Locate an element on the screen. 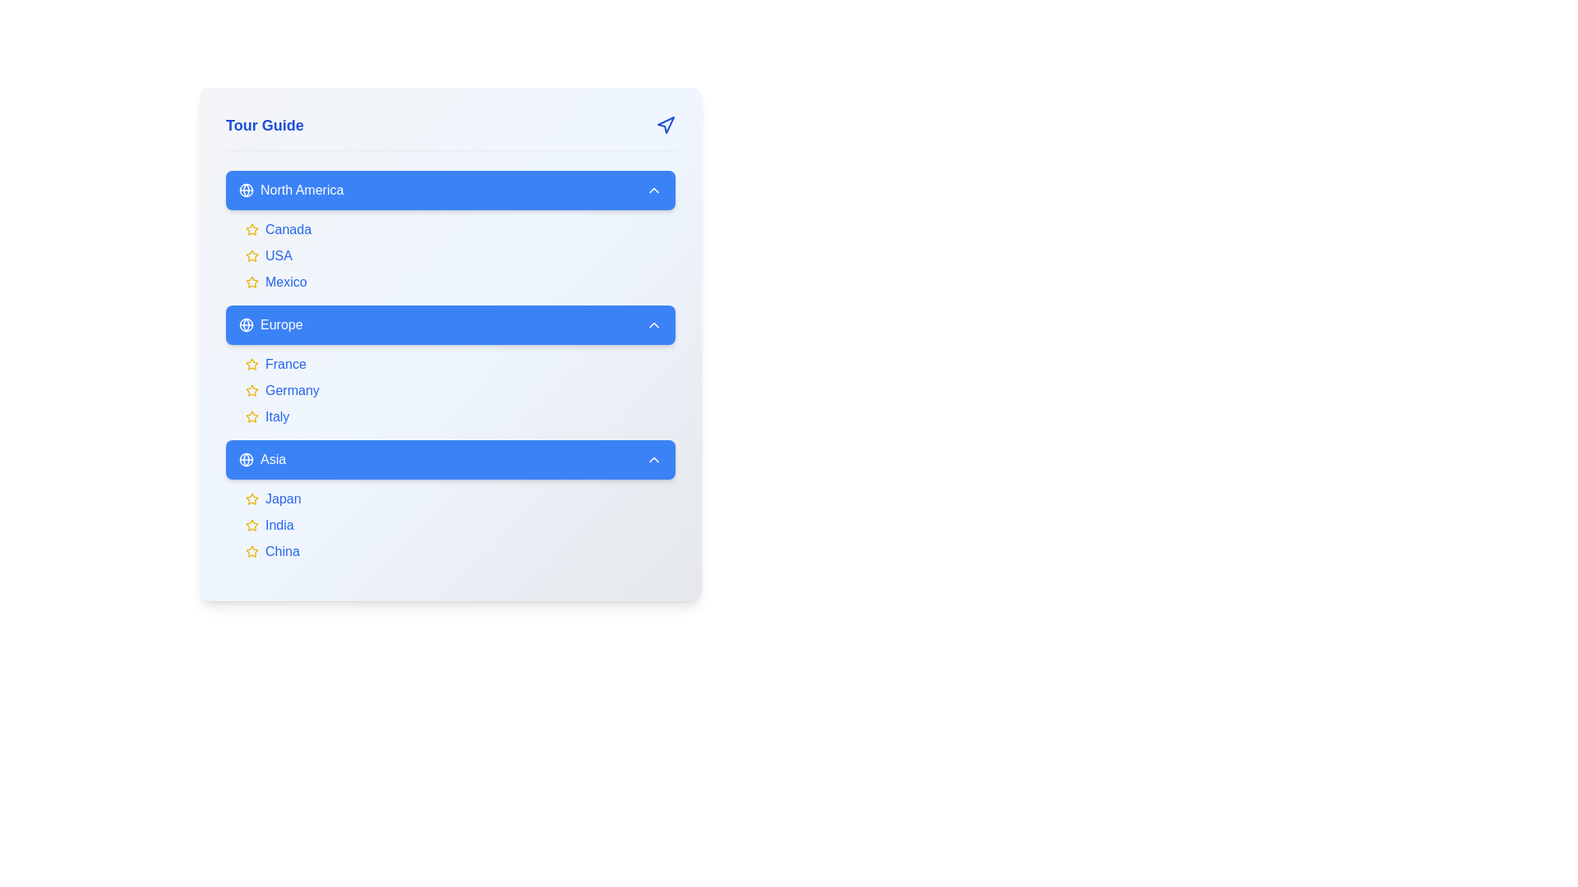  the star icon near the text label for 'China' to mark it as favorite is located at coordinates (251, 551).